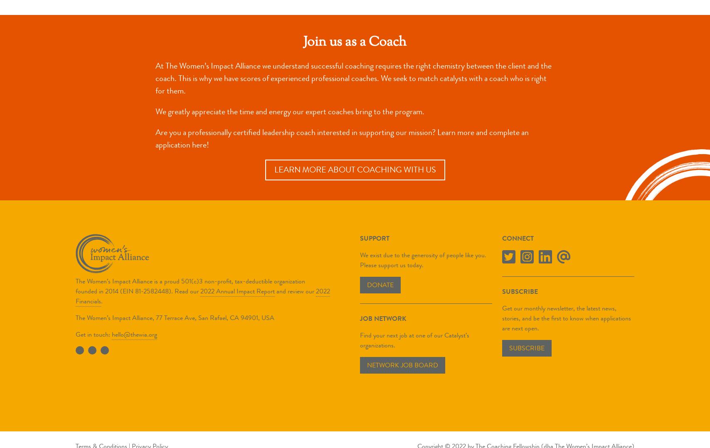  I want to click on 'NETWORK JOB BOARD', so click(402, 364).